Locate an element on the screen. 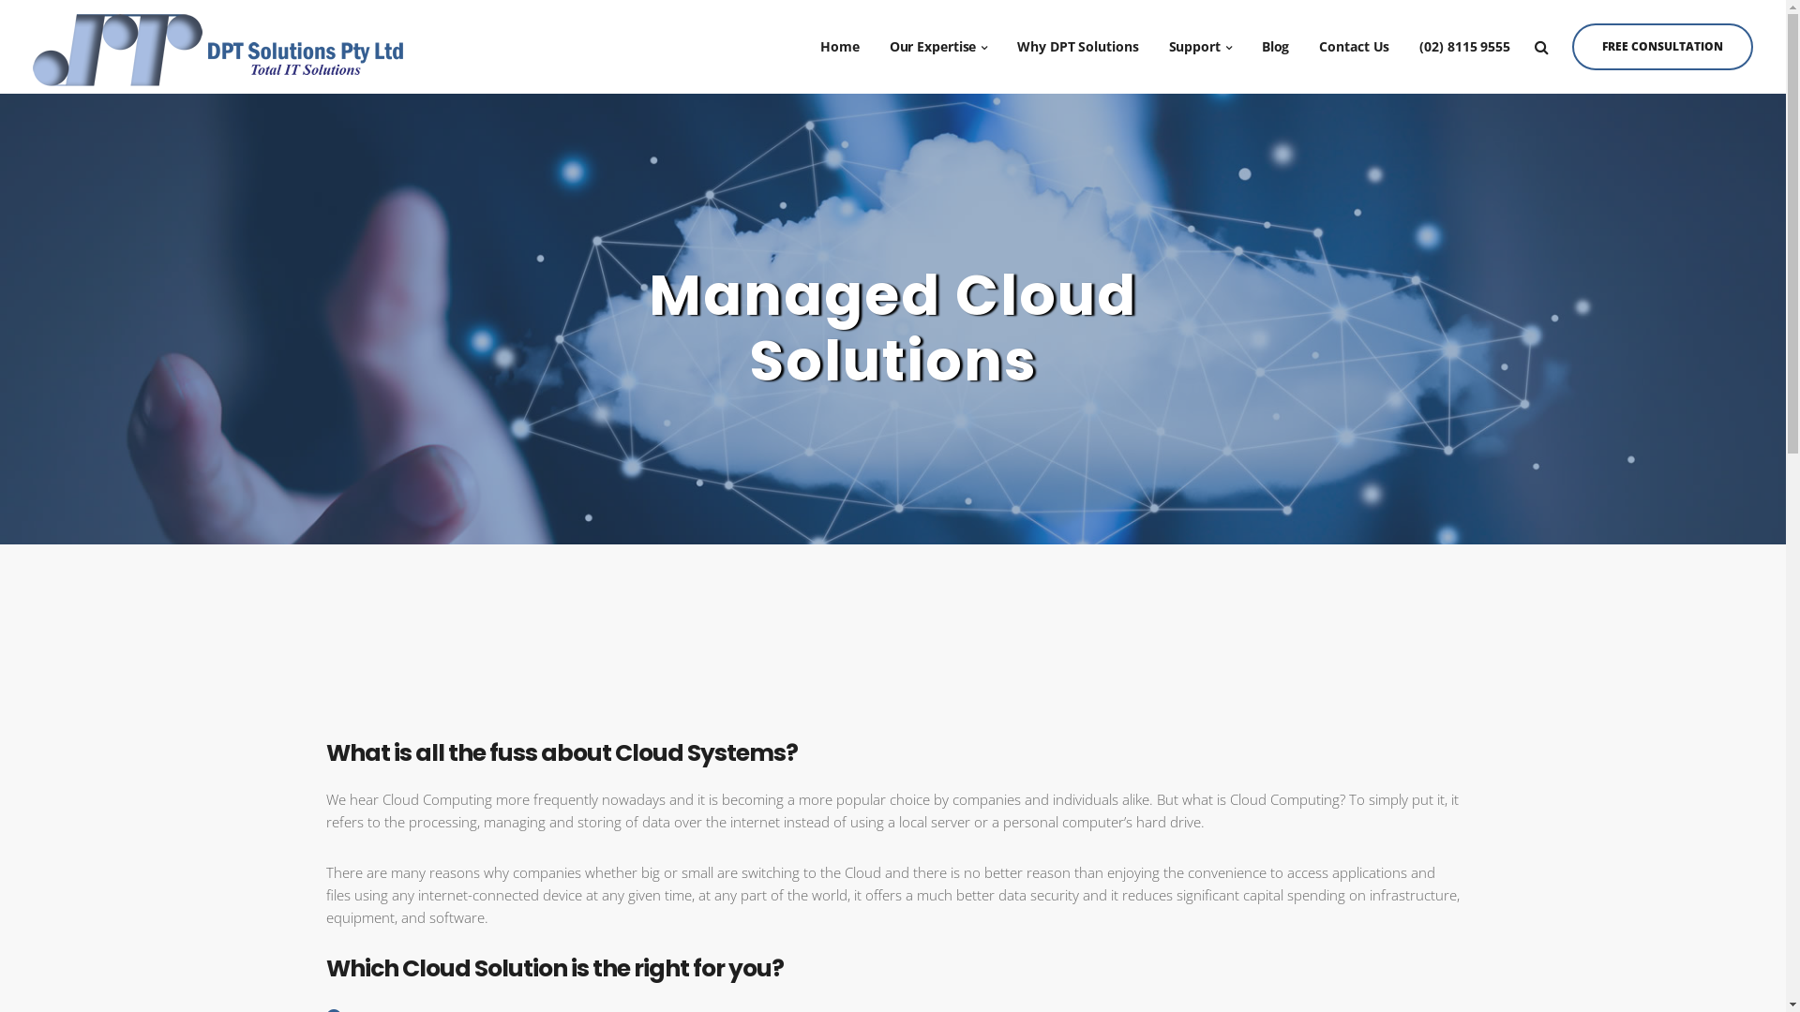  'Our Expertise' is located at coordinates (938, 46).